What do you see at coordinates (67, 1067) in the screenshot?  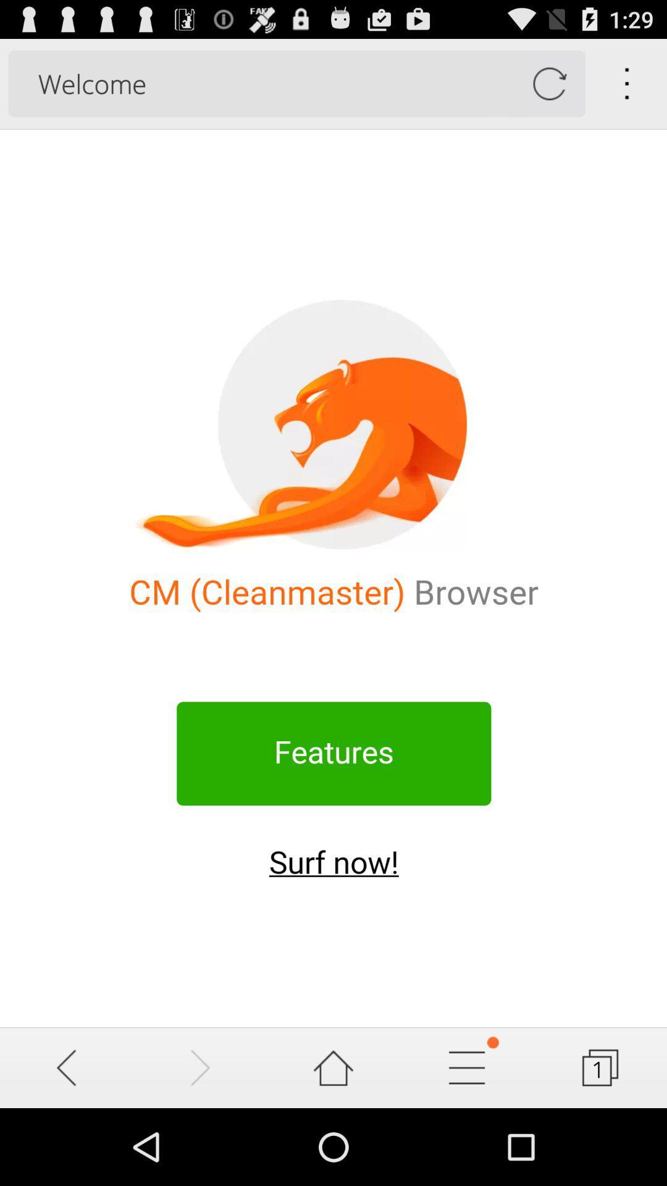 I see `previous` at bounding box center [67, 1067].